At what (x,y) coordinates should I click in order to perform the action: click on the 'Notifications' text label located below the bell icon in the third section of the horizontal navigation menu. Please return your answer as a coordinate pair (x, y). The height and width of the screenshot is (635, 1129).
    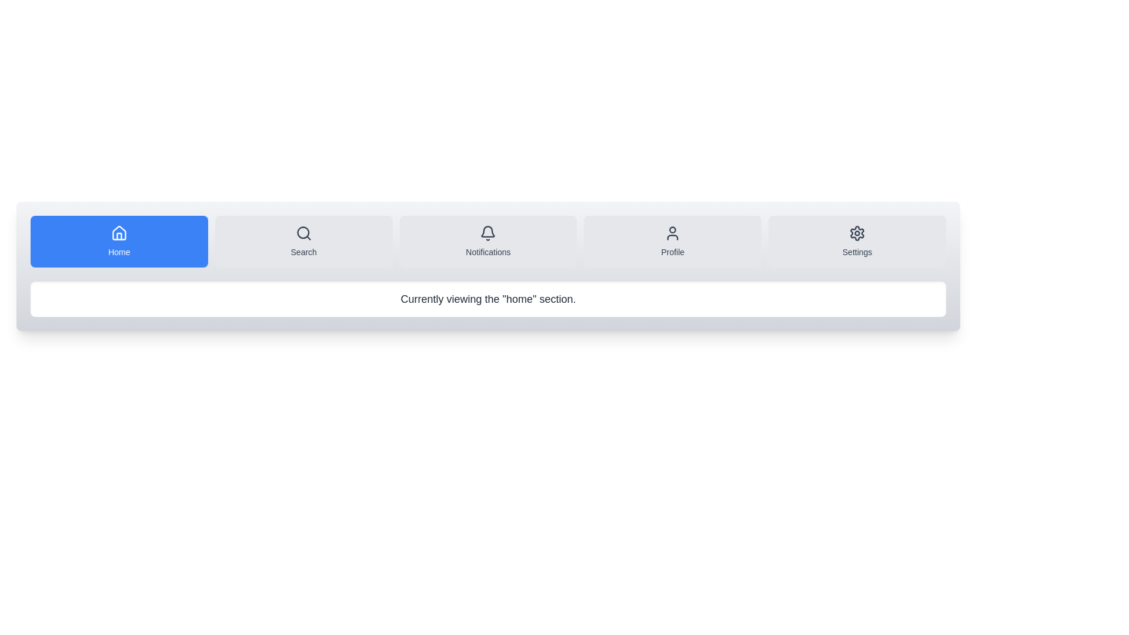
    Looking at the image, I should click on (488, 251).